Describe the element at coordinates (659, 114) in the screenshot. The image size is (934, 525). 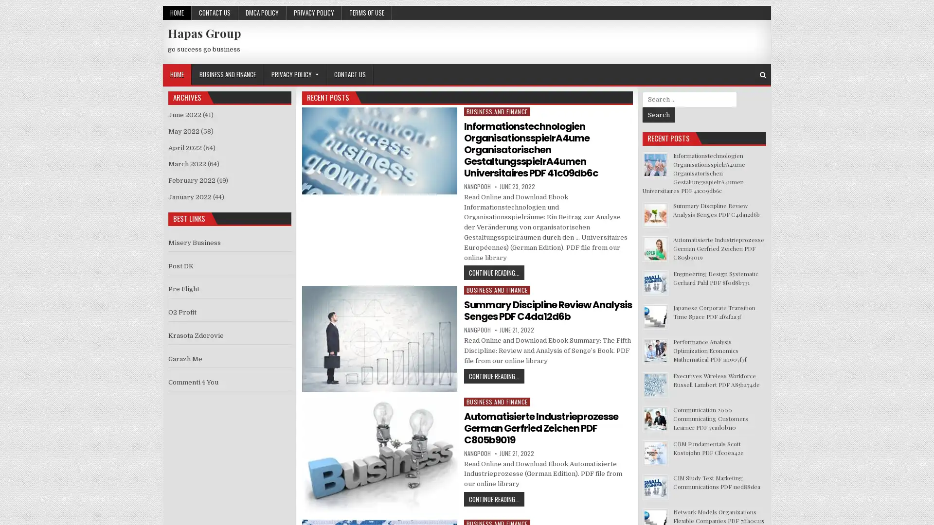
I see `Search` at that location.